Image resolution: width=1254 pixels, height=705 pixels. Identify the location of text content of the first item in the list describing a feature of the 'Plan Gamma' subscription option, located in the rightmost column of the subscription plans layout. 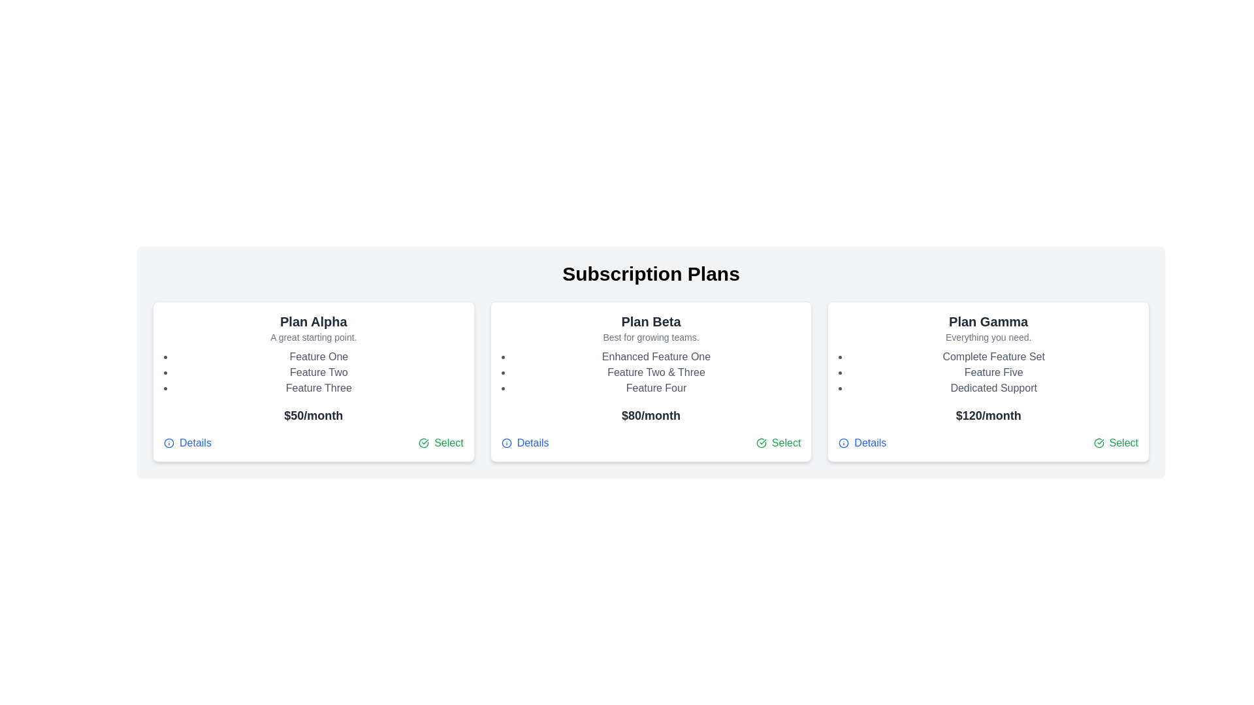
(993, 357).